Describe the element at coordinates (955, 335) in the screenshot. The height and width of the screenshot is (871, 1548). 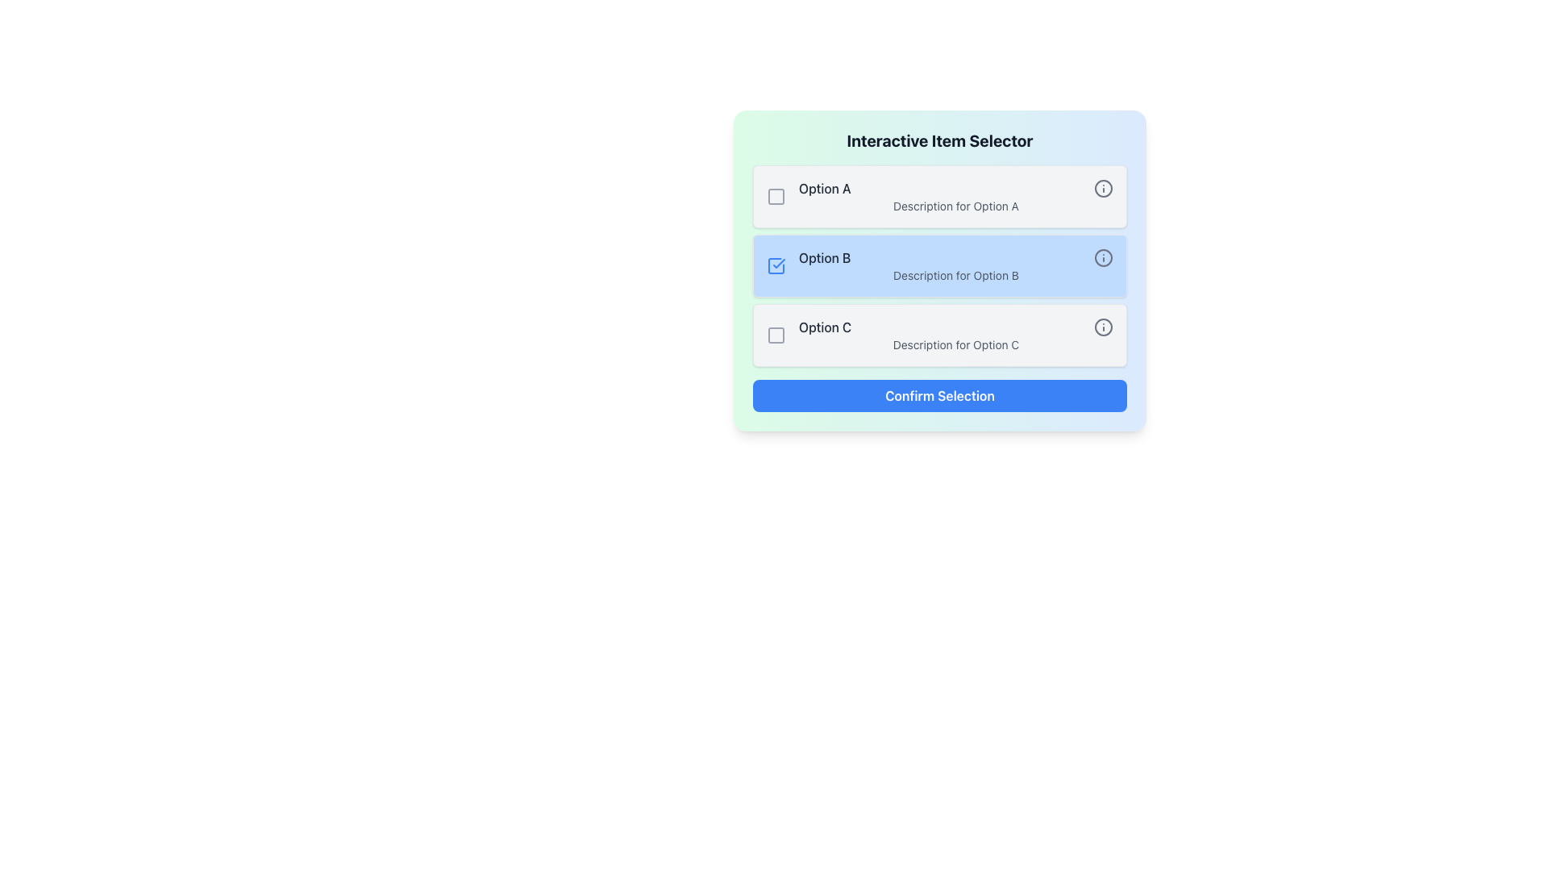
I see `text of the selectable option labeled 'Option C' in the 'Interactive Item Selector' modal` at that location.